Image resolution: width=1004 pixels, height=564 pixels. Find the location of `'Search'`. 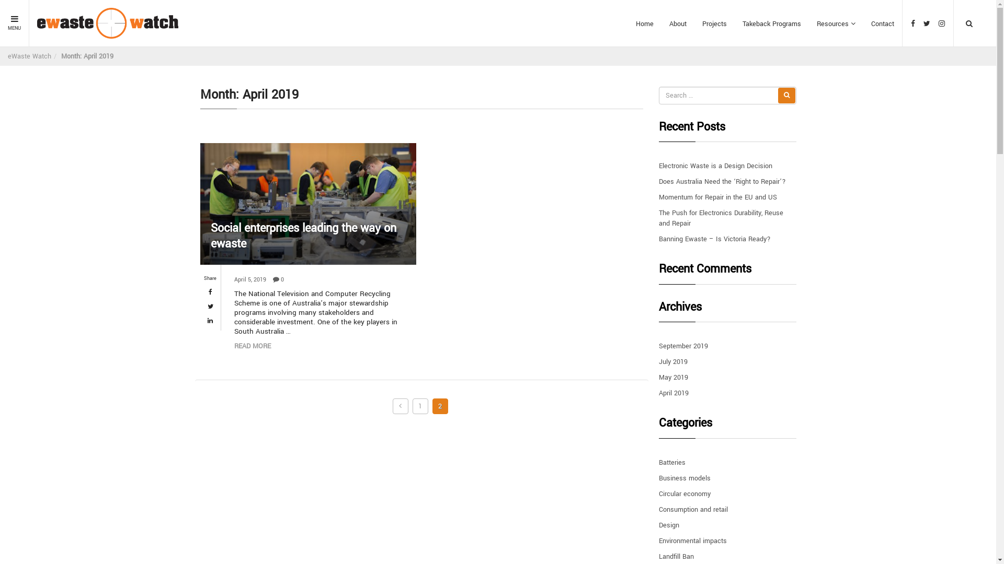

'Search' is located at coordinates (786, 95).